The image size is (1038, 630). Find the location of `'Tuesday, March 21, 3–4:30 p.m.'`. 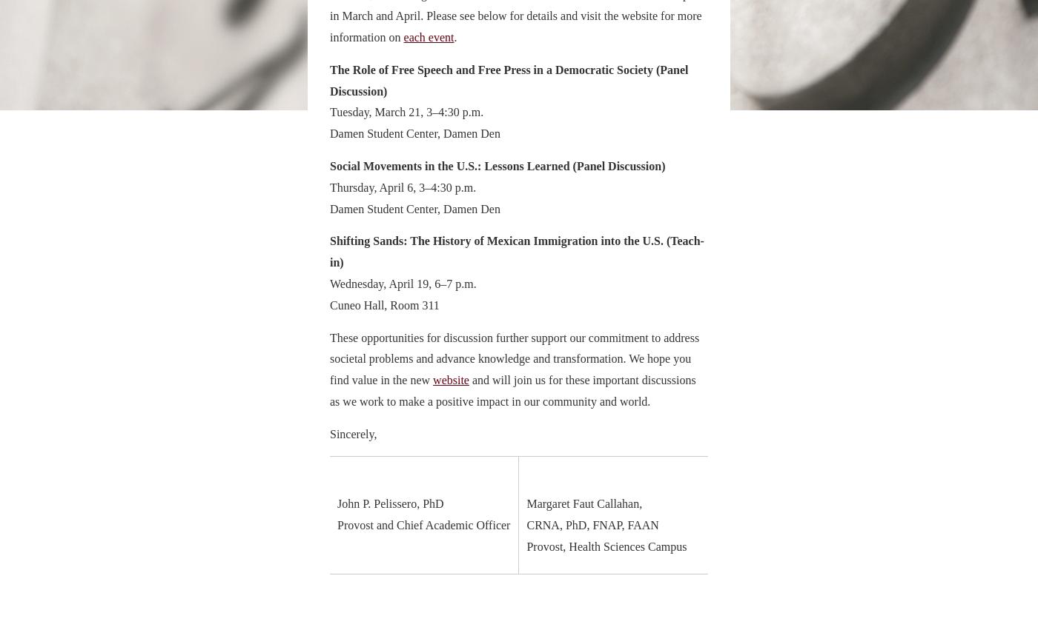

'Tuesday, March 21, 3–4:30 p.m.' is located at coordinates (330, 112).